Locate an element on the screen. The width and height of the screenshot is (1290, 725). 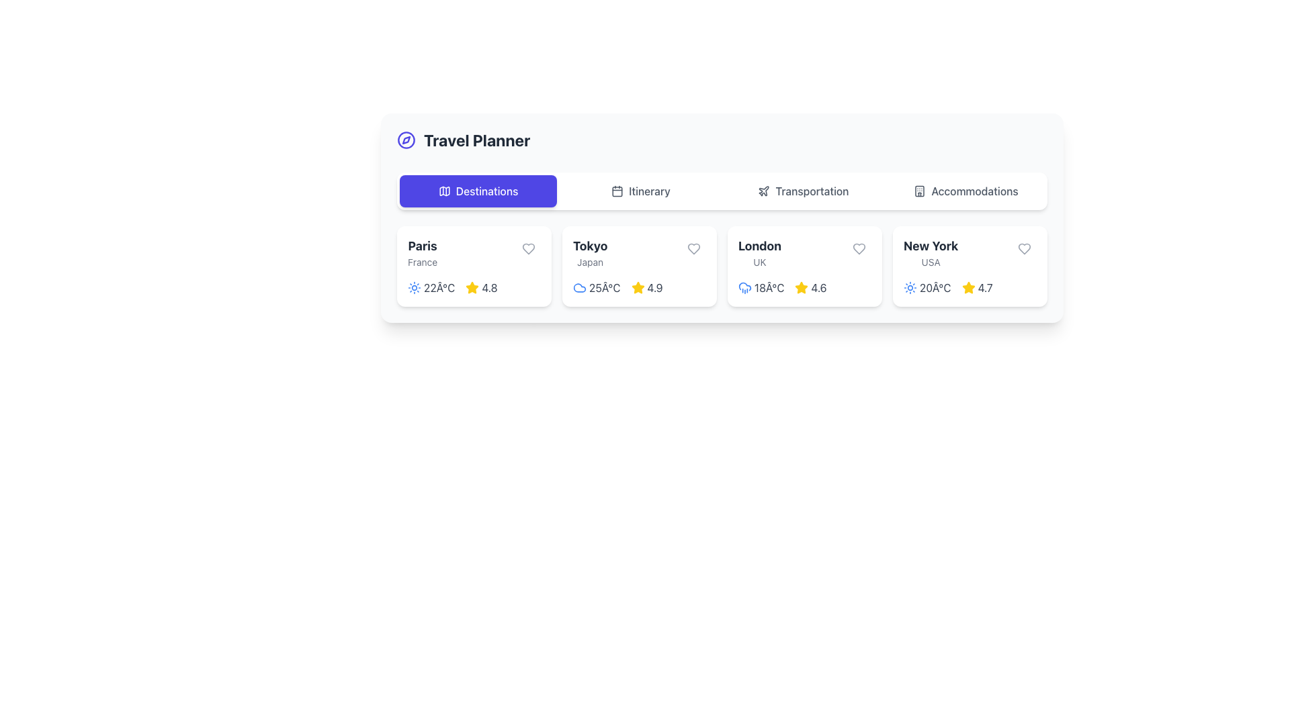
the heart-shaped icon in the top-right corner of the London card is located at coordinates (858, 248).